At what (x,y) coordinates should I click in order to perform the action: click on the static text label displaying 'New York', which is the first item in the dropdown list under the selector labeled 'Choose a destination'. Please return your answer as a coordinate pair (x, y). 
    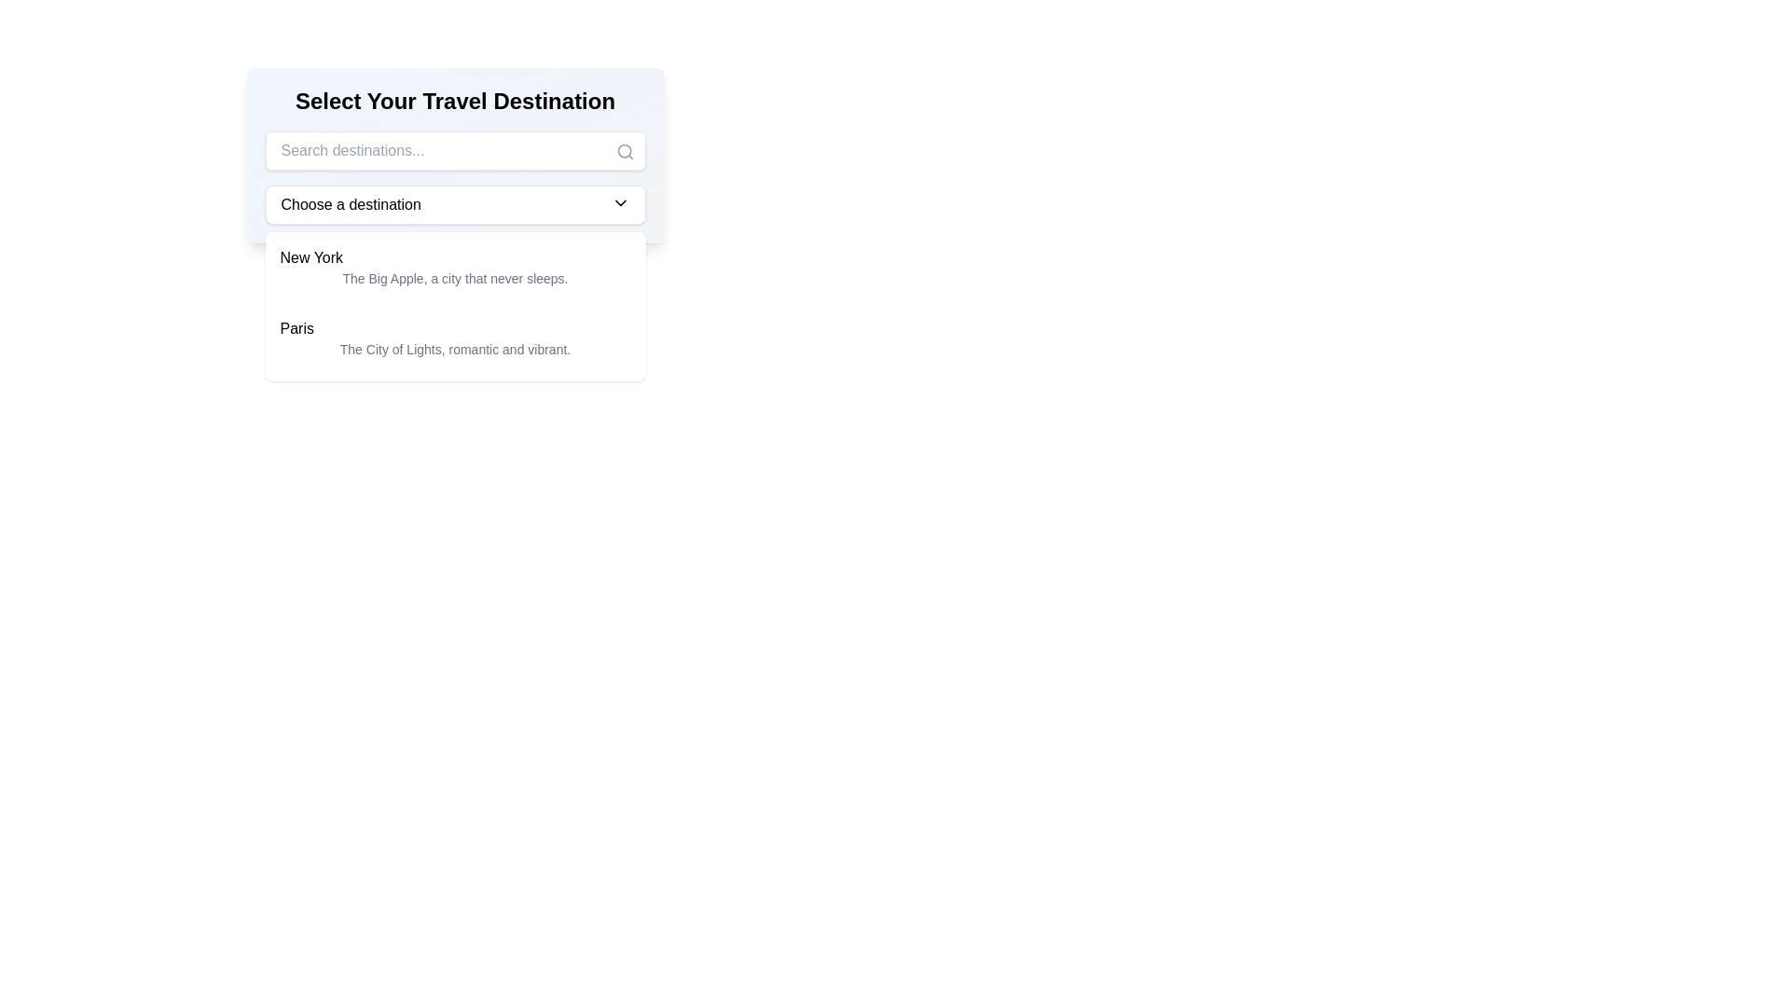
    Looking at the image, I should click on (311, 258).